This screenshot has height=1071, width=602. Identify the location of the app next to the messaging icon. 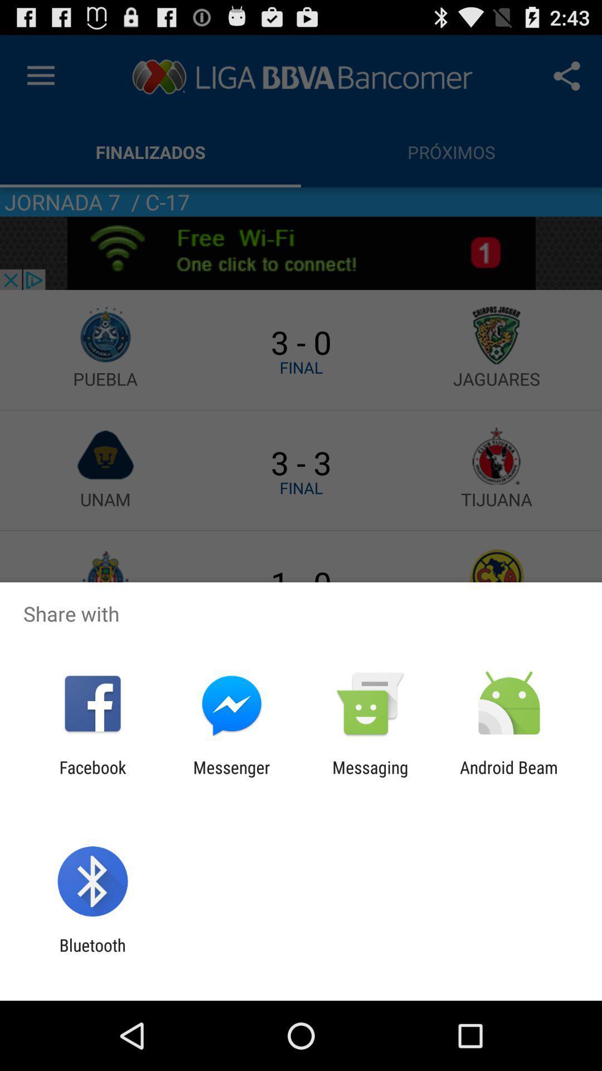
(509, 776).